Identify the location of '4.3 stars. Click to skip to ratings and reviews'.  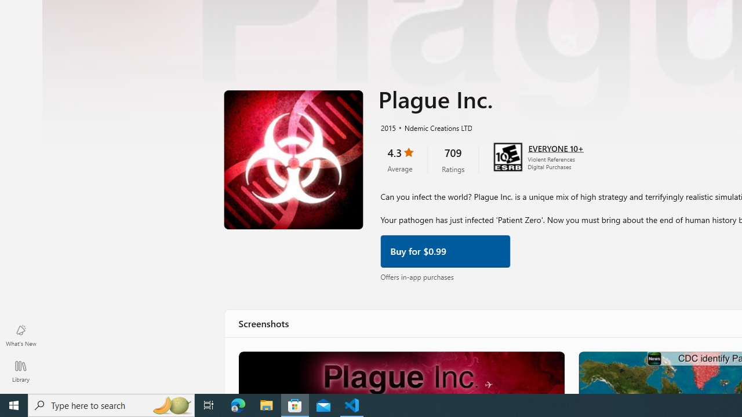
(399, 158).